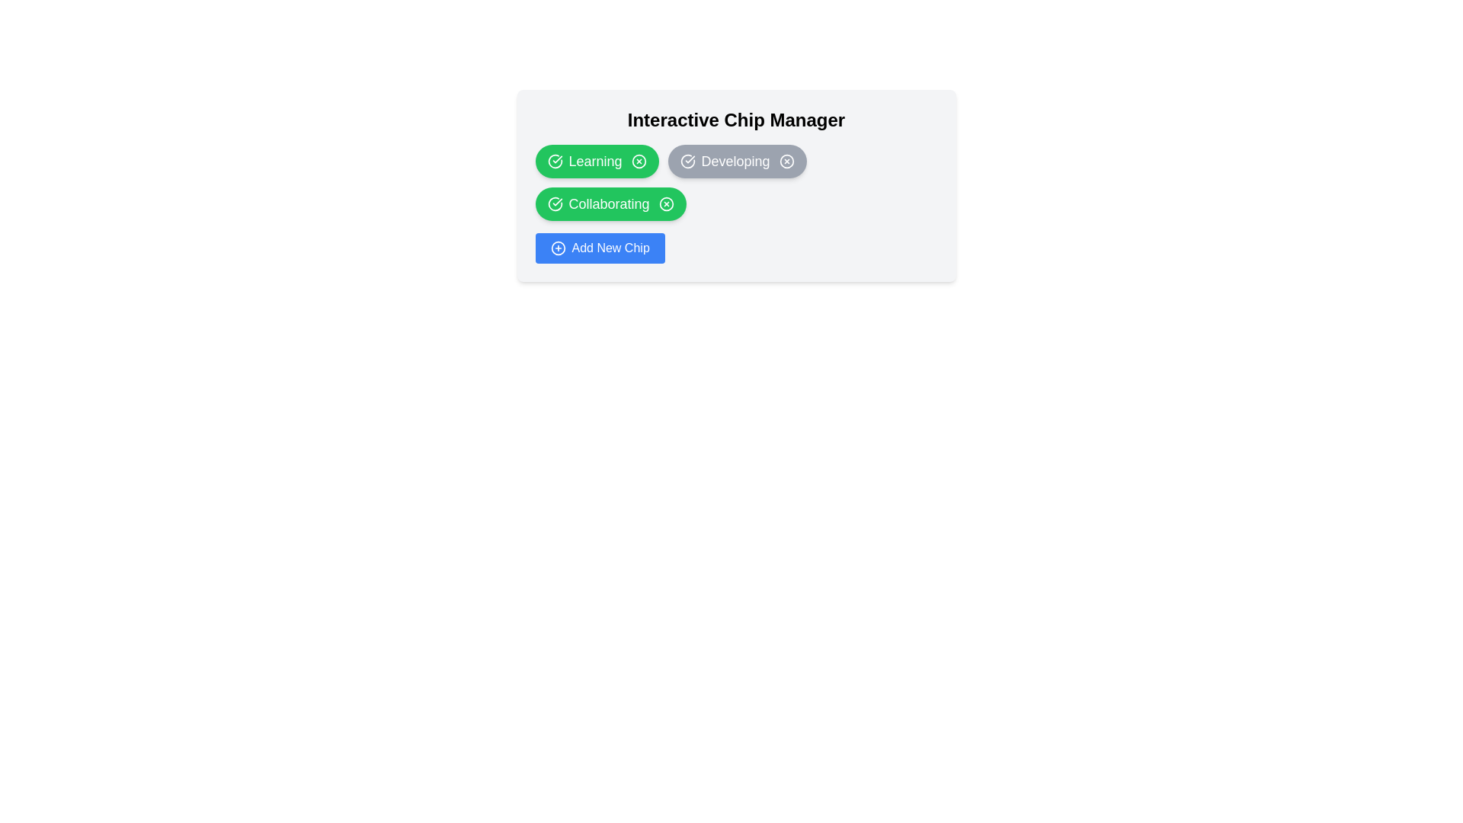 Image resolution: width=1463 pixels, height=823 pixels. Describe the element at coordinates (735, 162) in the screenshot. I see `text label representing a state or category designation within the 'Interactive Chip Manager', located on the right side of the second row of chips` at that location.